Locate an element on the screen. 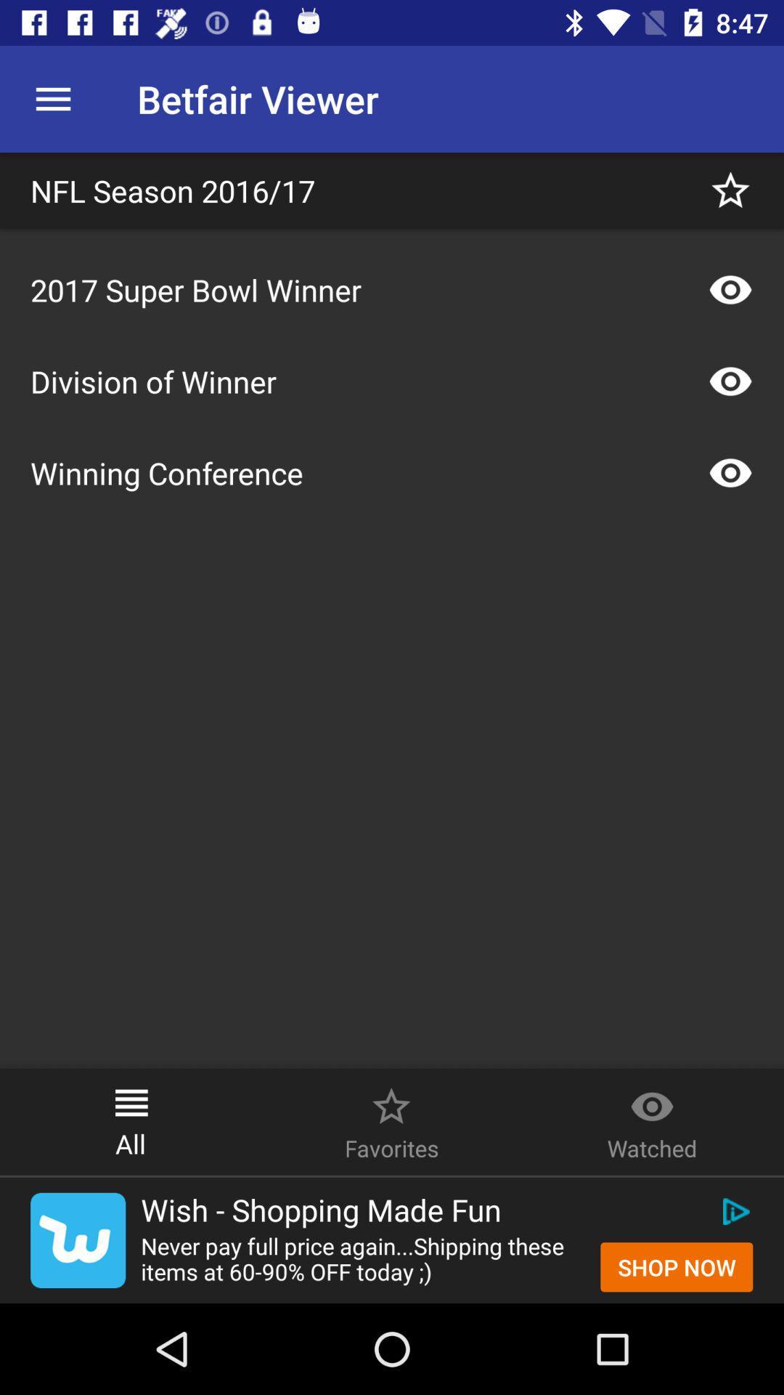 The height and width of the screenshot is (1395, 784). this page is located at coordinates (730, 190).